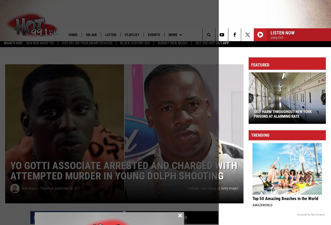  Describe the element at coordinates (60, 190) in the screenshot. I see `'Published: September 28, 2017'` at that location.